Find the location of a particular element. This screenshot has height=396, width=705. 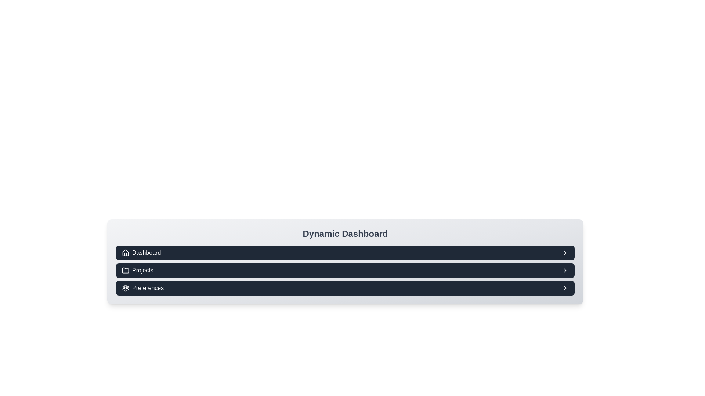

the third button in the vertical list that navigates to user settings or preferences is located at coordinates (143, 288).